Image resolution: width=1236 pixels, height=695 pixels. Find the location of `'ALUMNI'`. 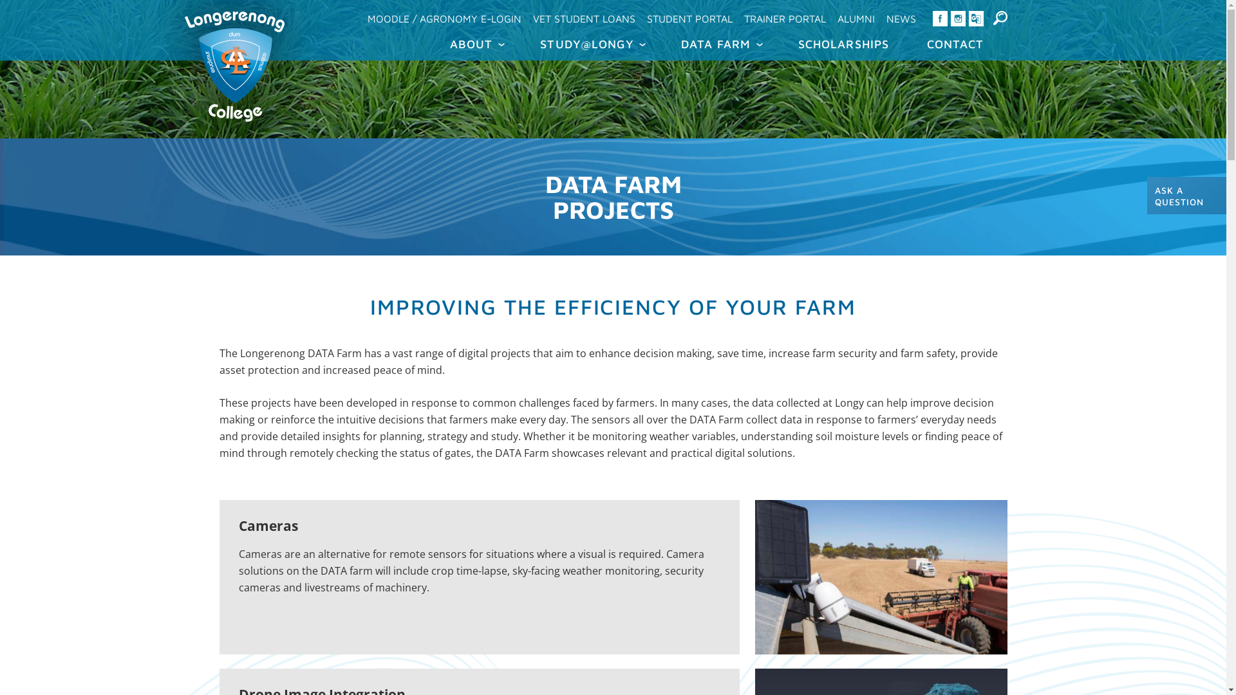

'ALUMNI' is located at coordinates (856, 19).